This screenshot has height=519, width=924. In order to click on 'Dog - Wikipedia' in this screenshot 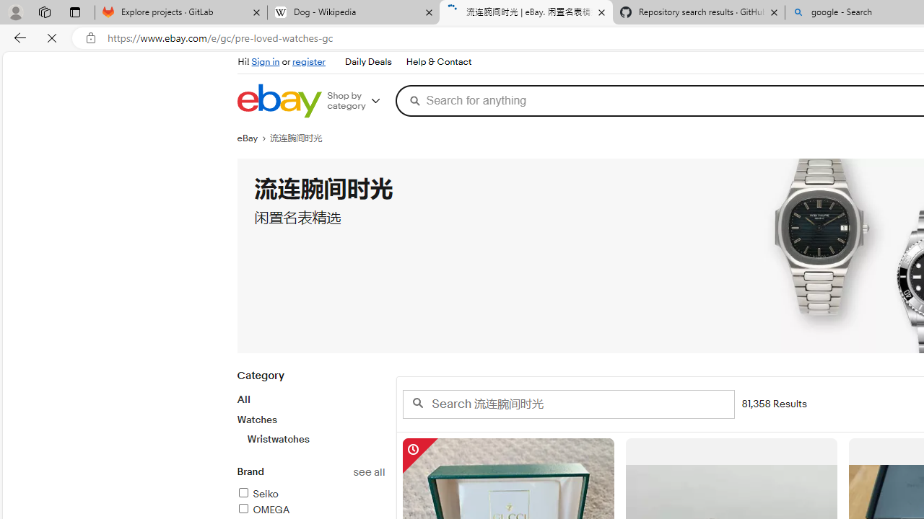, I will do `click(354, 12)`.